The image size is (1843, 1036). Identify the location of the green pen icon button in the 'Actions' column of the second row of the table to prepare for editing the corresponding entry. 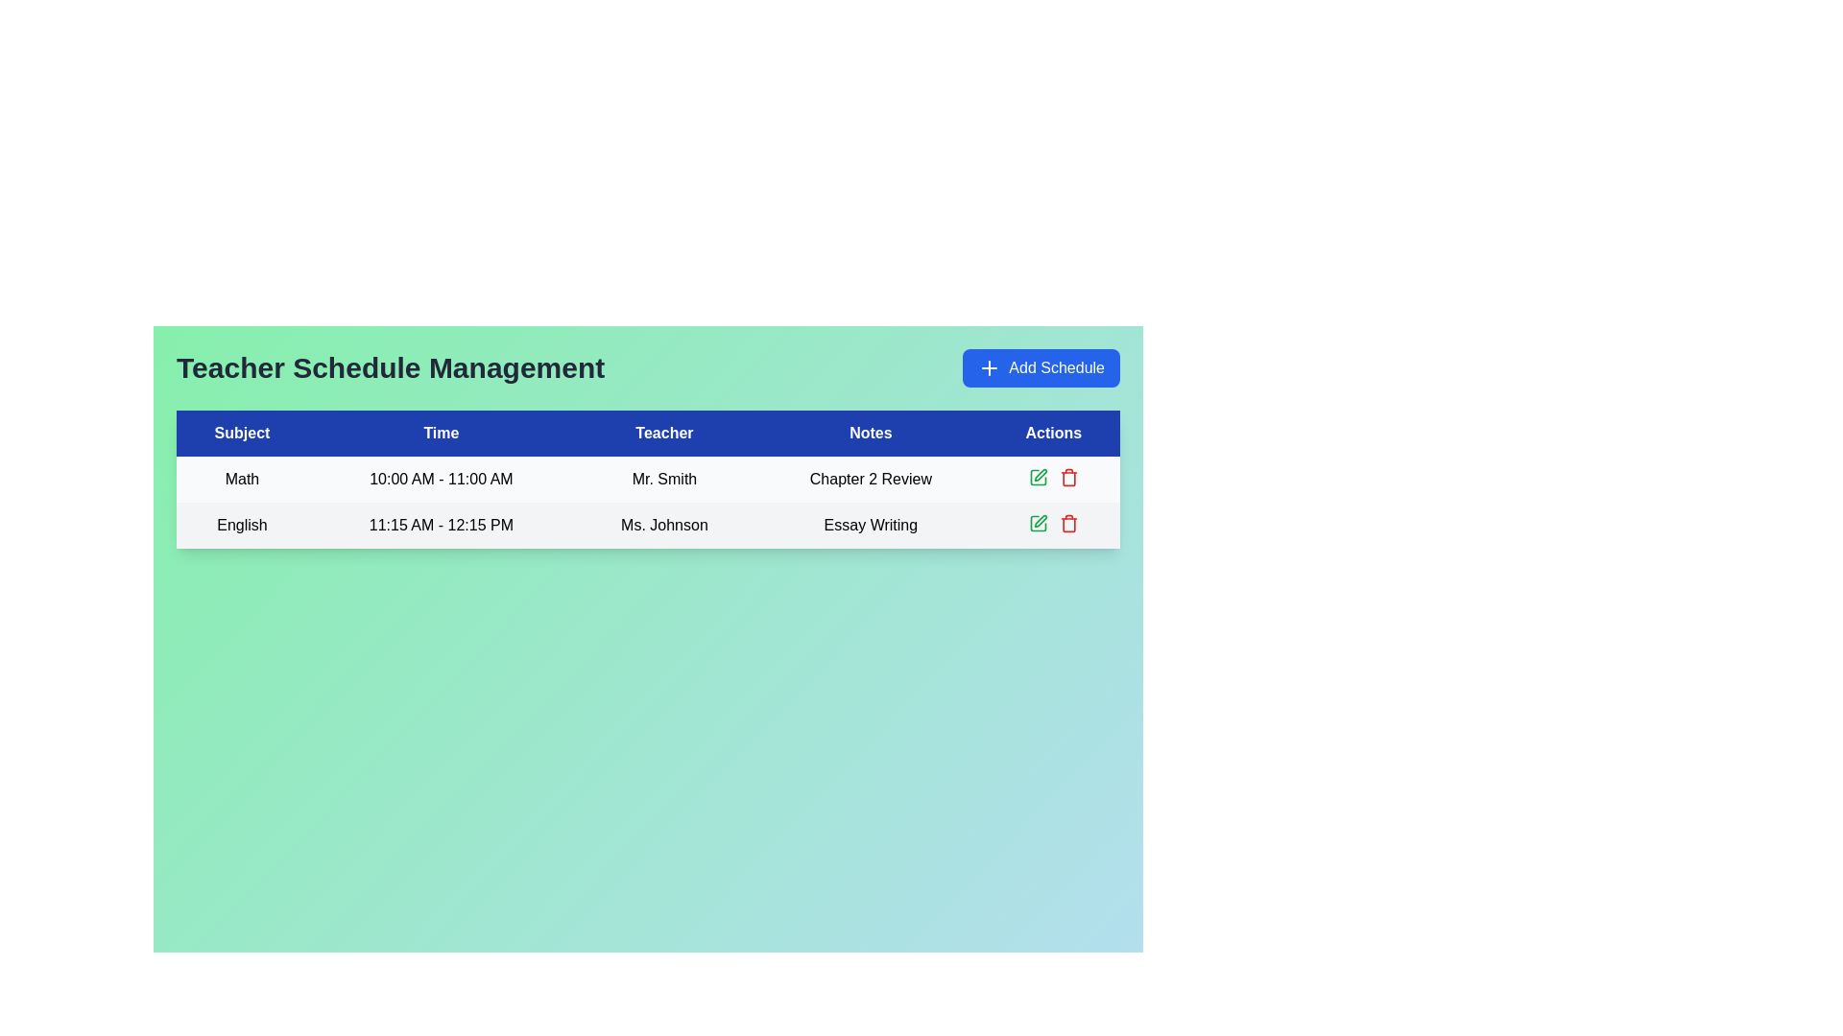
(1037, 476).